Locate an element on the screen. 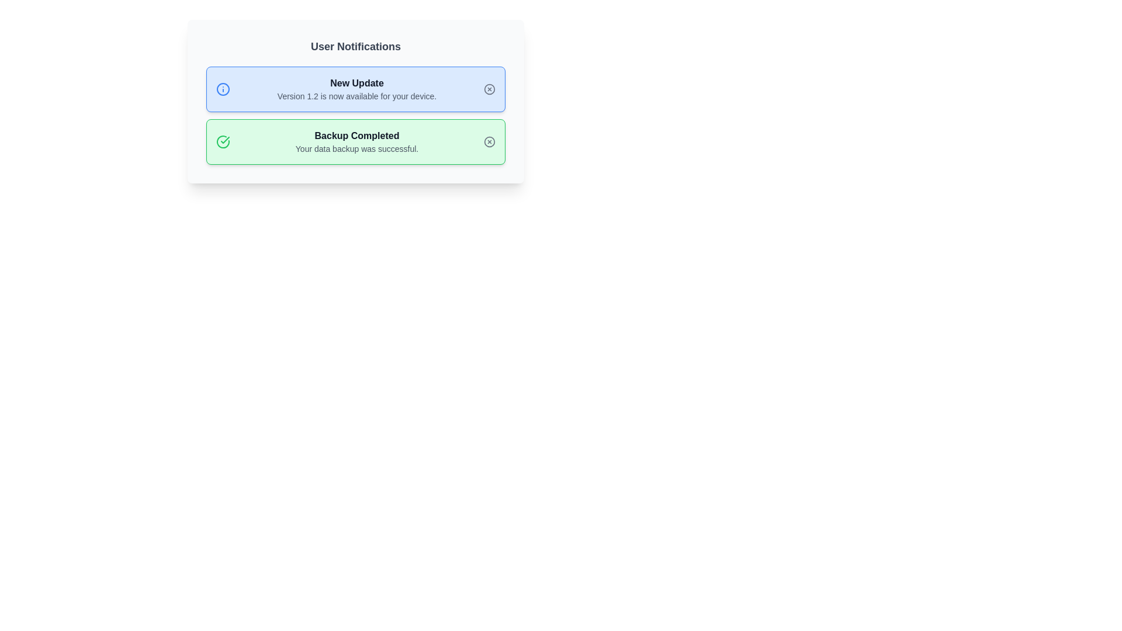  the information icon located at the top-left of the notifications panel, next to the text 'New Update' is located at coordinates (223, 89).